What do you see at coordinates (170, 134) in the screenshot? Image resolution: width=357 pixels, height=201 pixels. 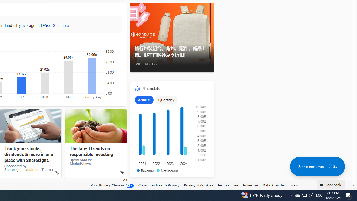 I see `'Class: chartOuter-DS-EntryPoint1-1'` at bounding box center [170, 134].